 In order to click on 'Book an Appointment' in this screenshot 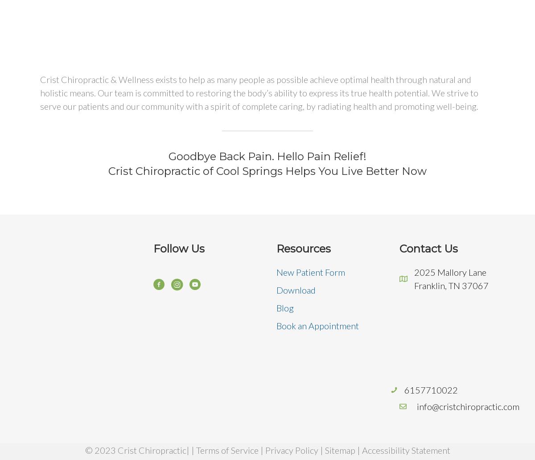, I will do `click(317, 325)`.